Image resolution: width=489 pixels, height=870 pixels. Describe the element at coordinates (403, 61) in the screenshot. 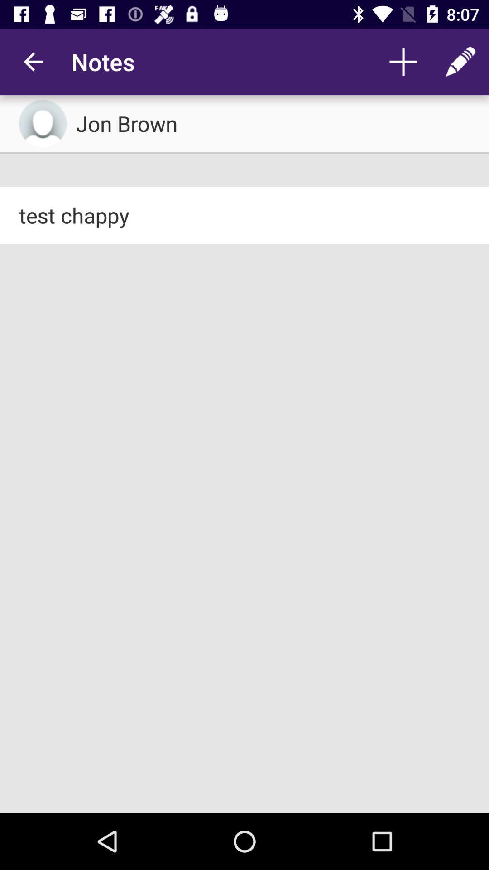

I see `the app next to the notes app` at that location.